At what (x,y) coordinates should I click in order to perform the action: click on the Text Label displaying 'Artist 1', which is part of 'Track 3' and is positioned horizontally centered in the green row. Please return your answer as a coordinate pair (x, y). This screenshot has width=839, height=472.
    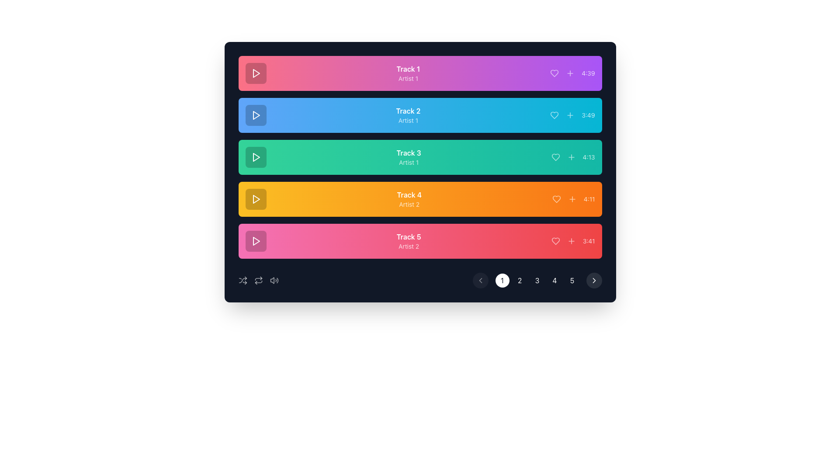
    Looking at the image, I should click on (408, 162).